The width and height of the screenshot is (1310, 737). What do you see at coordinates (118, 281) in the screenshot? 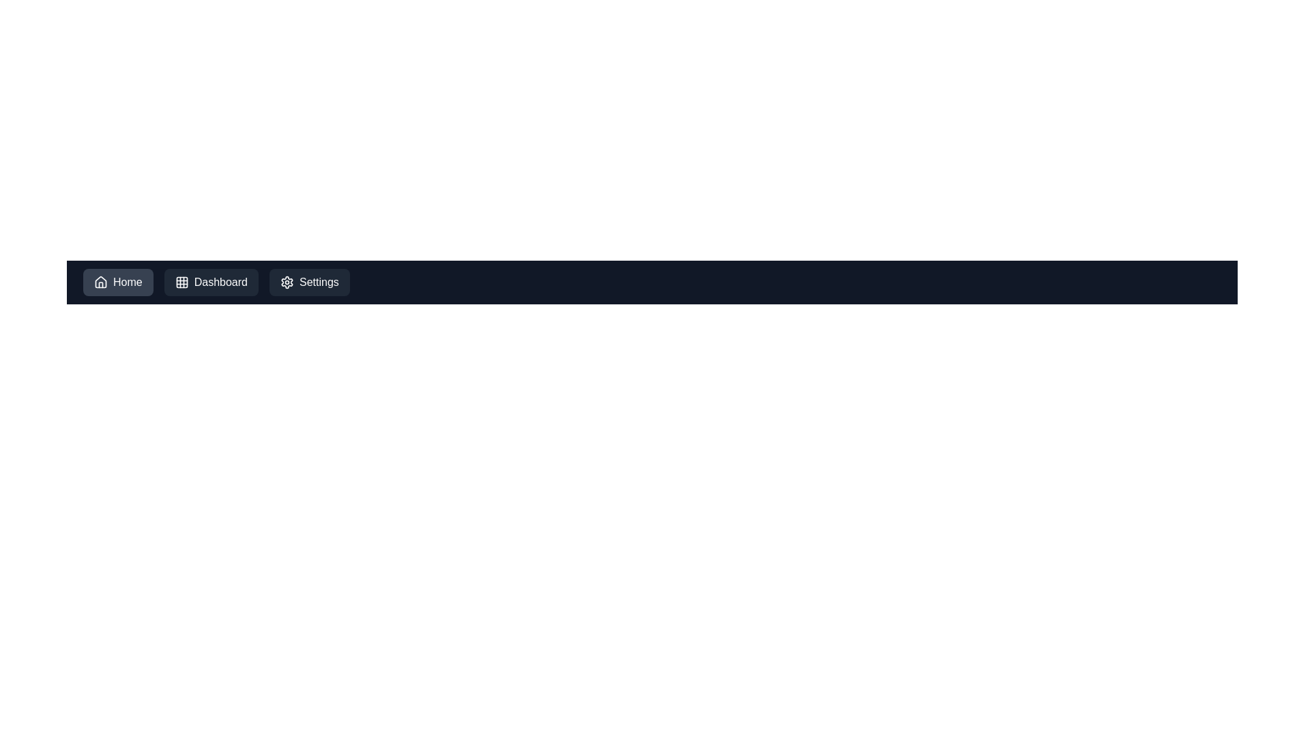
I see `the leftmost navigation button in the horizontal menu bar` at bounding box center [118, 281].